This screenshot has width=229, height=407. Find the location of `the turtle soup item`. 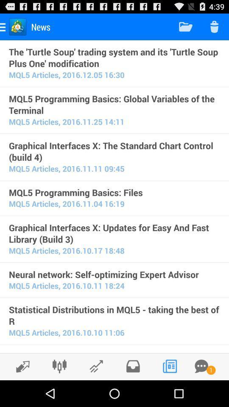

the turtle soup item is located at coordinates (114, 57).